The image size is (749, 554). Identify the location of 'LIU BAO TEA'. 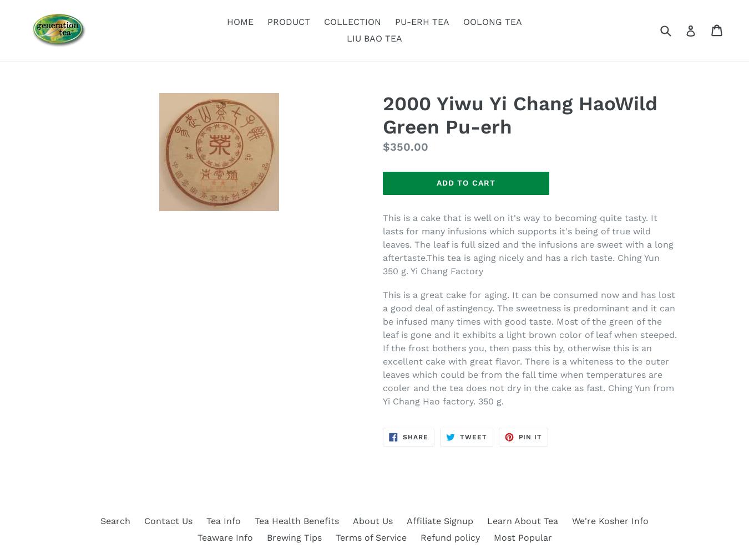
(374, 38).